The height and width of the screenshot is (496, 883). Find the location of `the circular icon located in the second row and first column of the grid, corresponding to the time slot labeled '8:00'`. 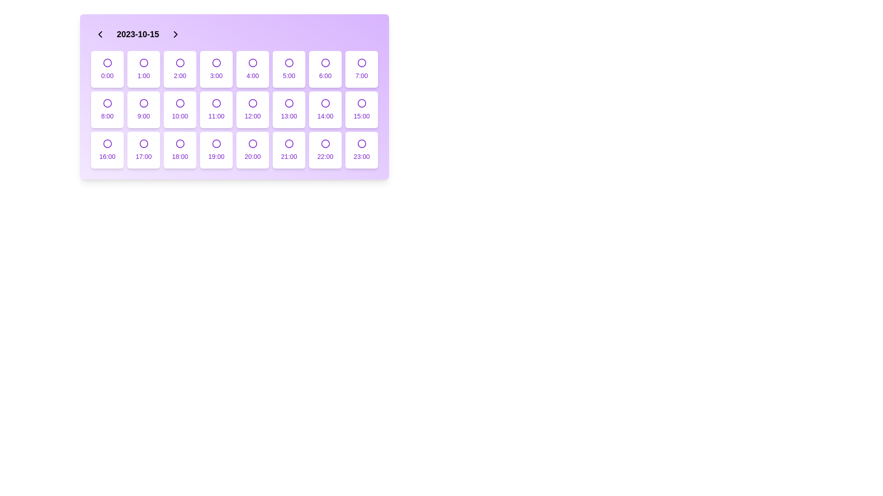

the circular icon located in the second row and first column of the grid, corresponding to the time slot labeled '8:00' is located at coordinates (107, 103).